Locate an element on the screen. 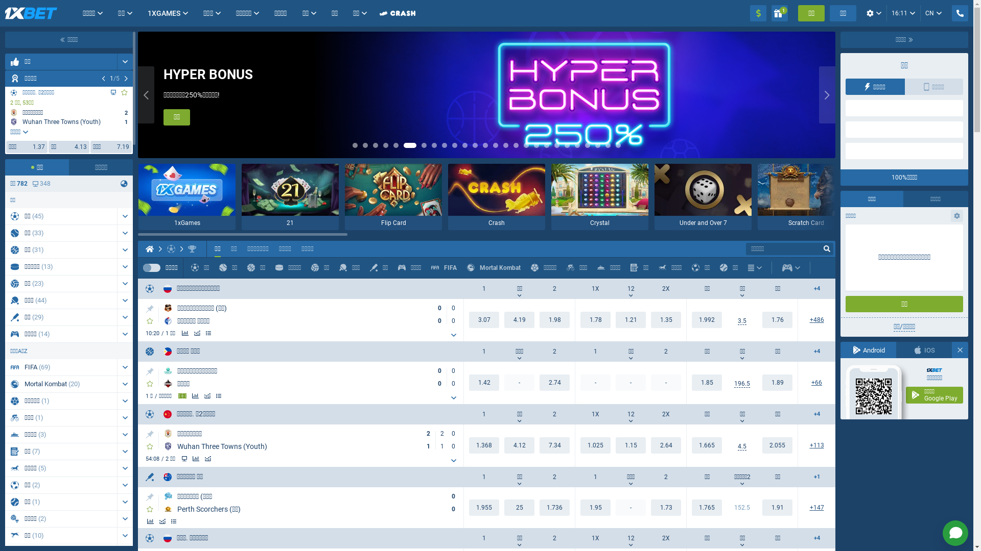 The height and width of the screenshot is (551, 981). '1.85' is located at coordinates (706, 382).